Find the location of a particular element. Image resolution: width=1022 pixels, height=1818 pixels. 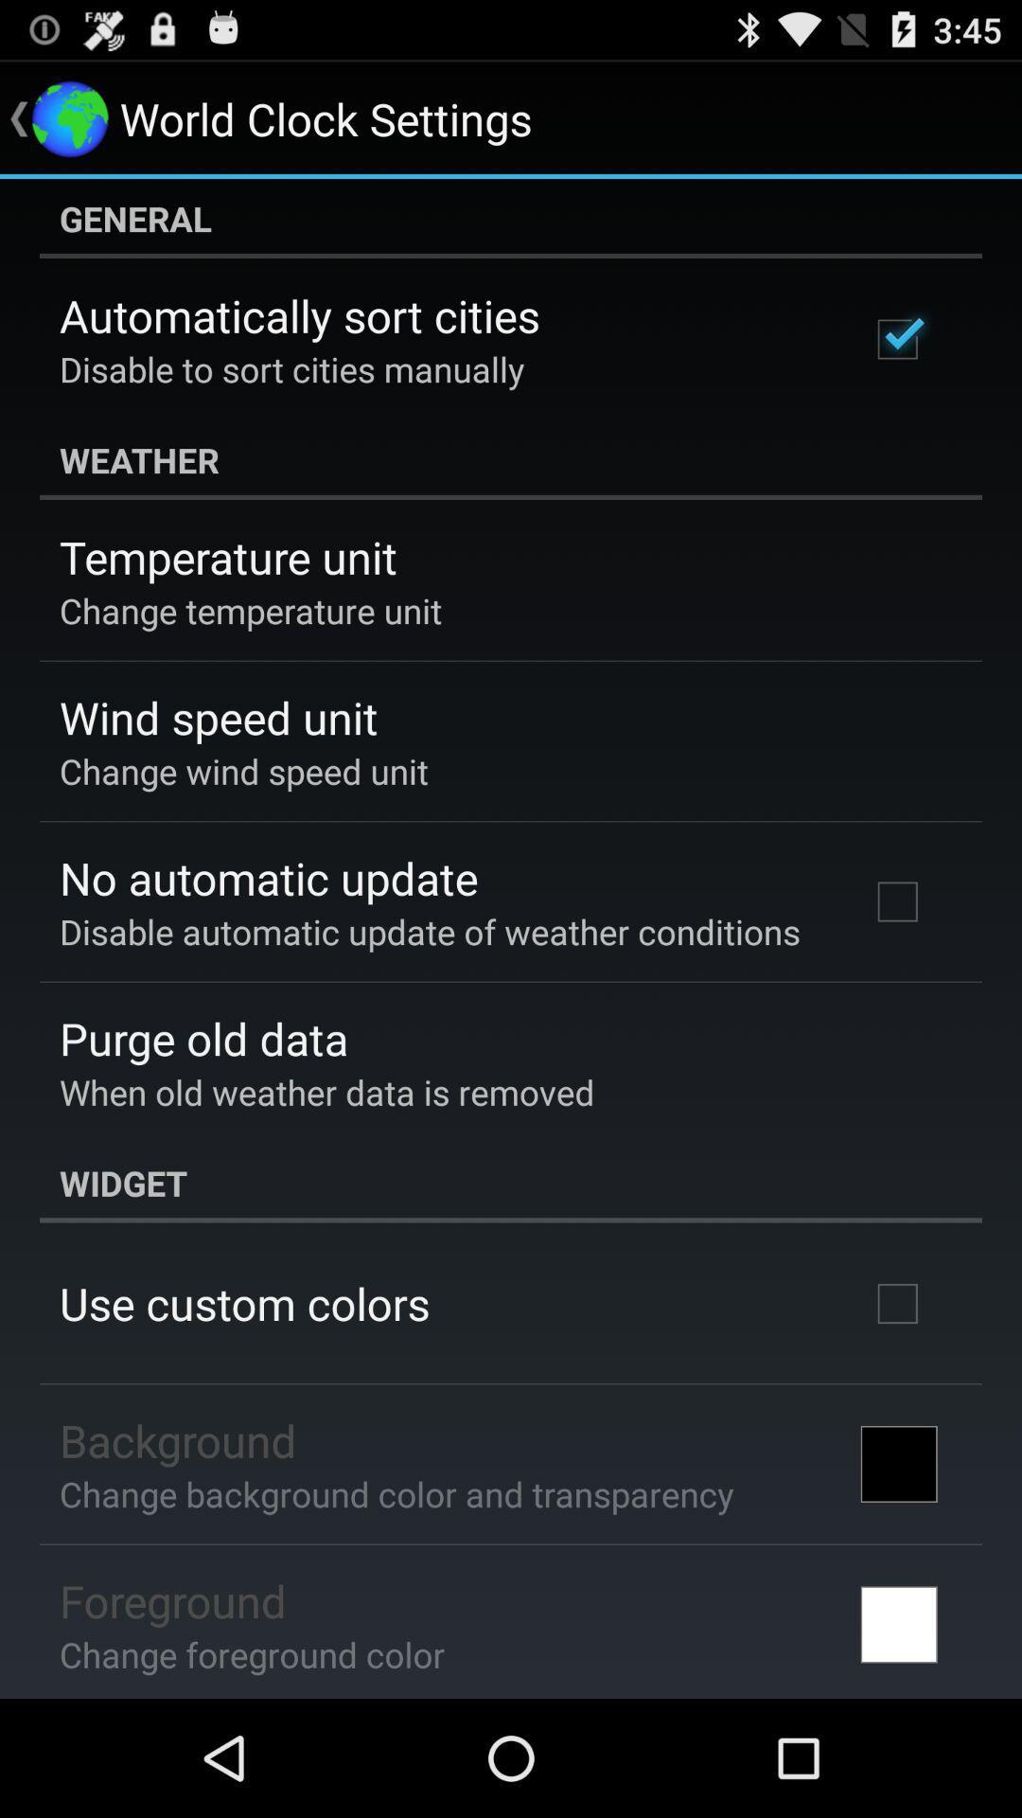

app below the when old weather item is located at coordinates (511, 1182).